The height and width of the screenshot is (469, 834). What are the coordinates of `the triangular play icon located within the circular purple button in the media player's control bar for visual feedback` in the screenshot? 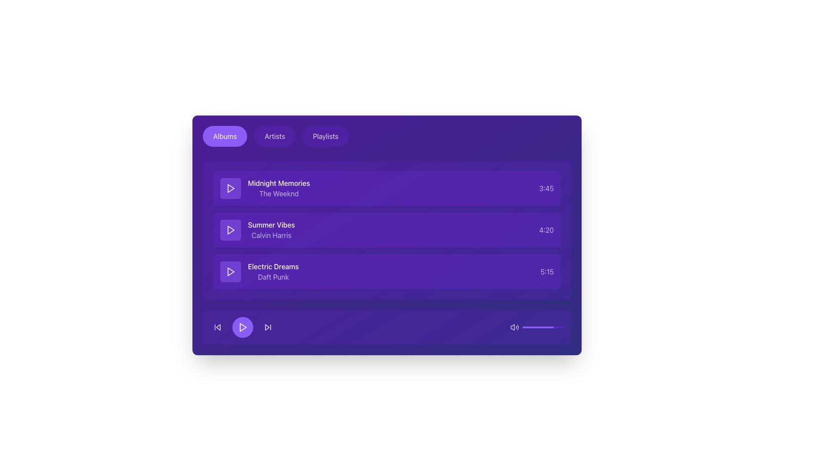 It's located at (243, 327).